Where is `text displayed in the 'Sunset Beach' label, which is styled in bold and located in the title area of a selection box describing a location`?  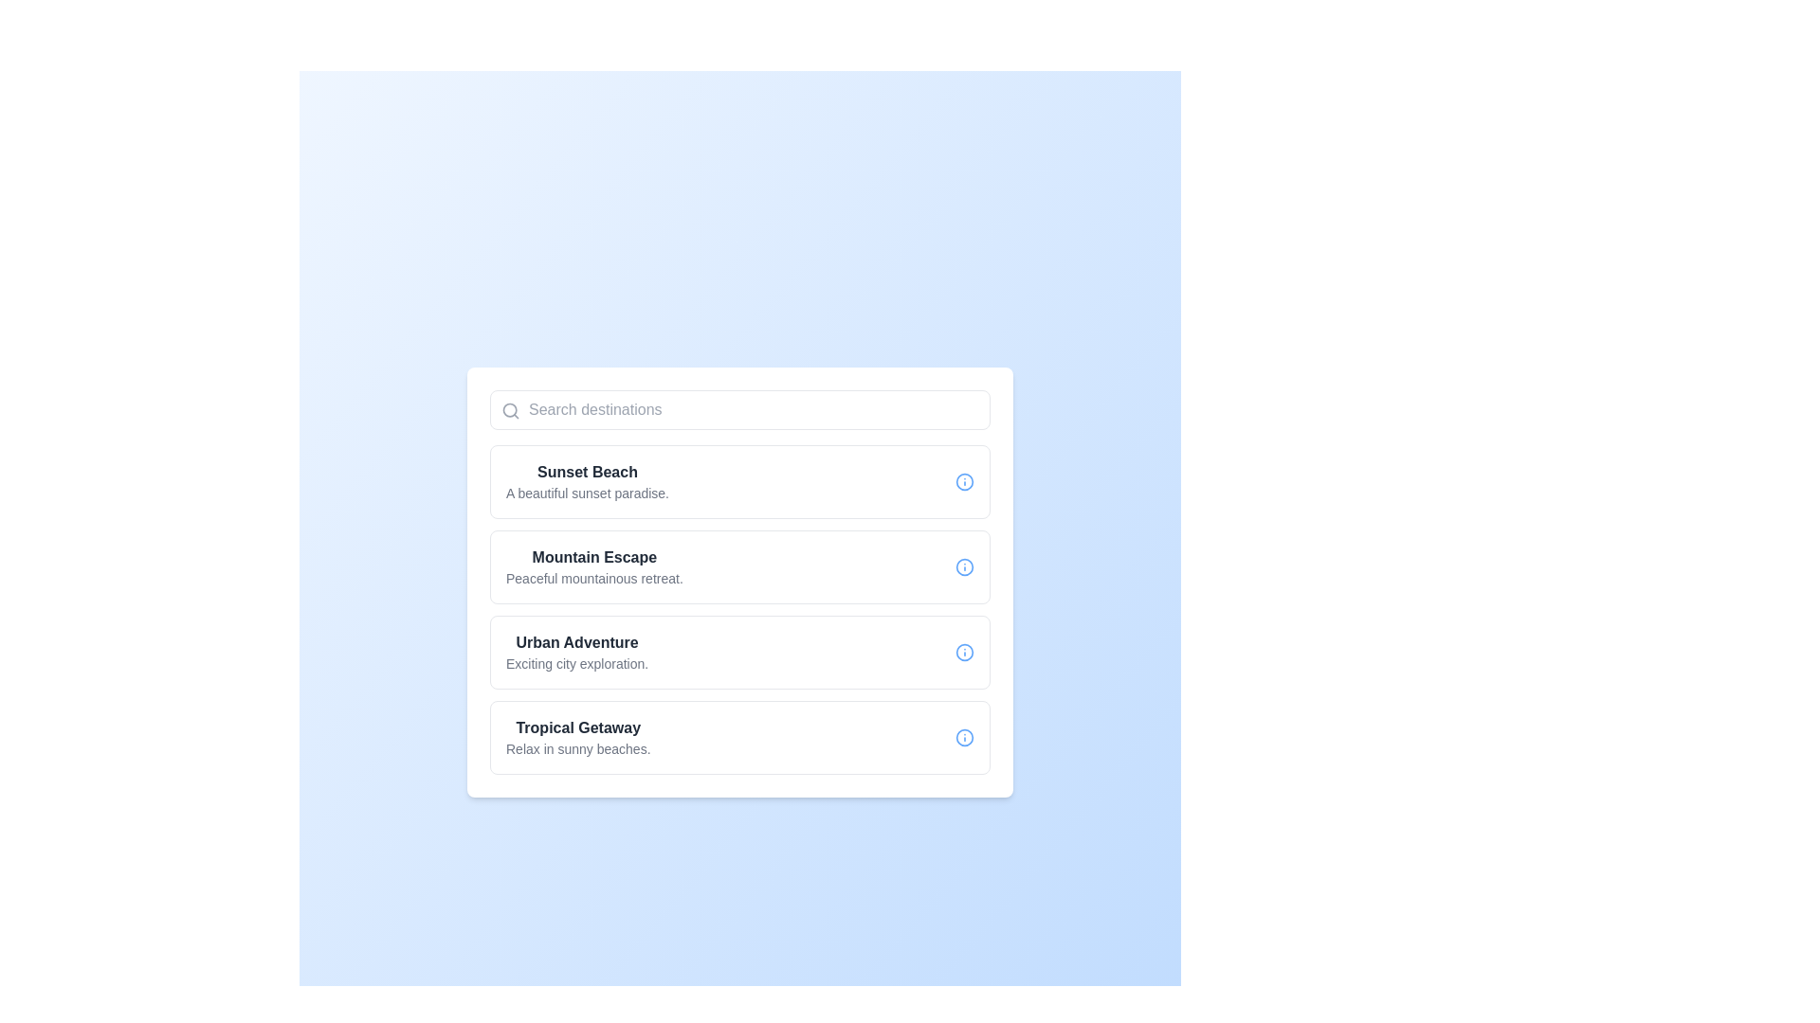
text displayed in the 'Sunset Beach' label, which is styled in bold and located in the title area of a selection box describing a location is located at coordinates (586, 471).